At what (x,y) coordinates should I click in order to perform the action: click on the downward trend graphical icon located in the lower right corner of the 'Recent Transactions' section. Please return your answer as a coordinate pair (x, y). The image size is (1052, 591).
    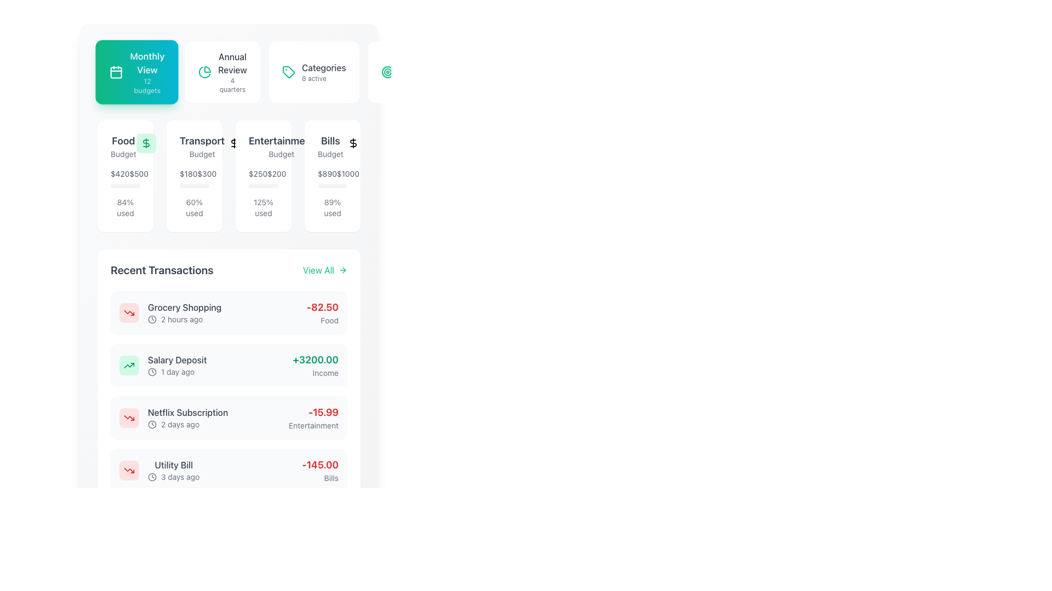
    Looking at the image, I should click on (129, 418).